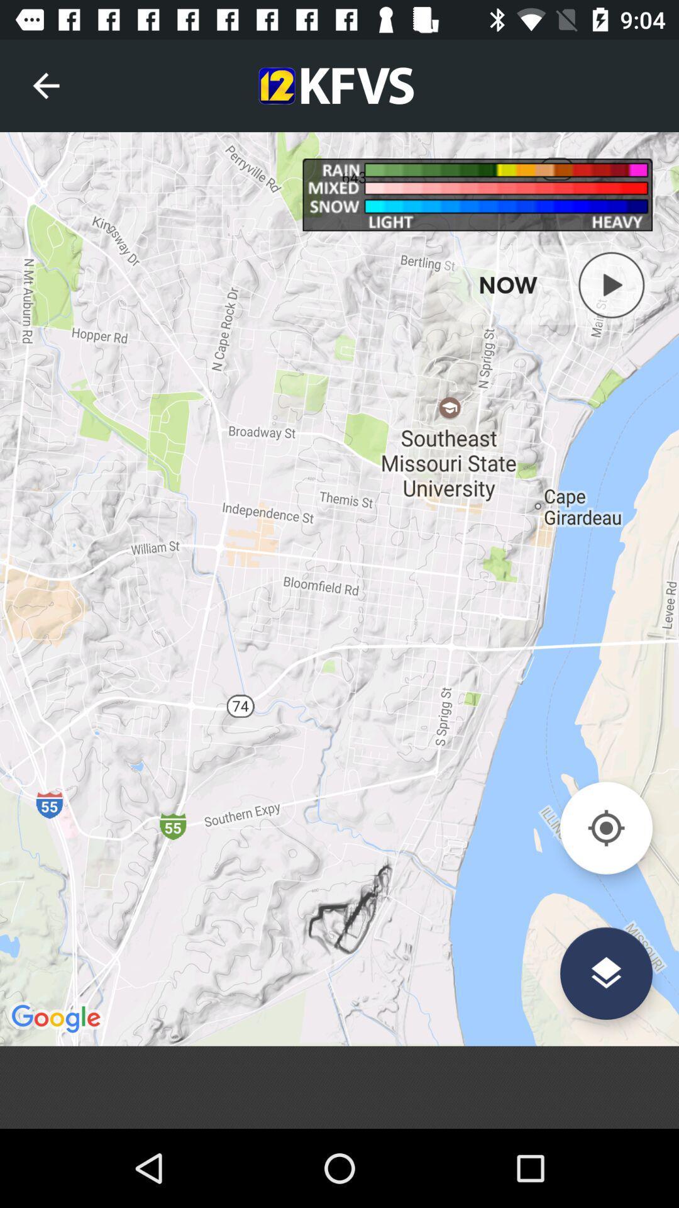  What do you see at coordinates (605, 973) in the screenshot?
I see `map layers` at bounding box center [605, 973].